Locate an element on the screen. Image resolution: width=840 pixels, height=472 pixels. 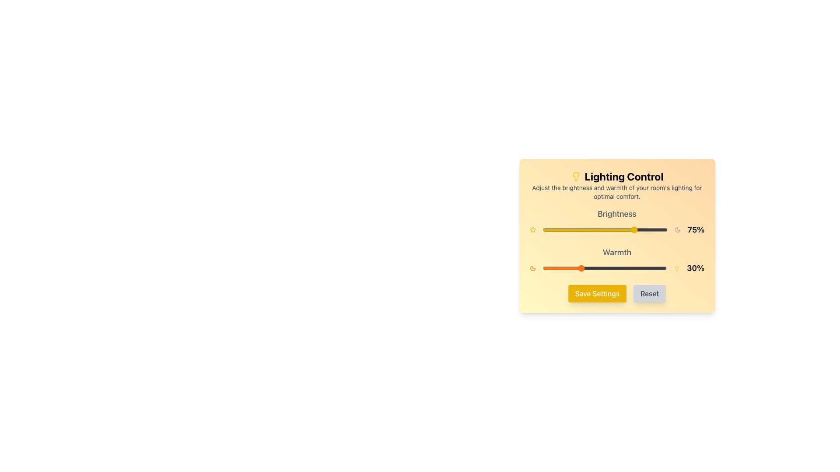
the brightness is located at coordinates (637, 229).